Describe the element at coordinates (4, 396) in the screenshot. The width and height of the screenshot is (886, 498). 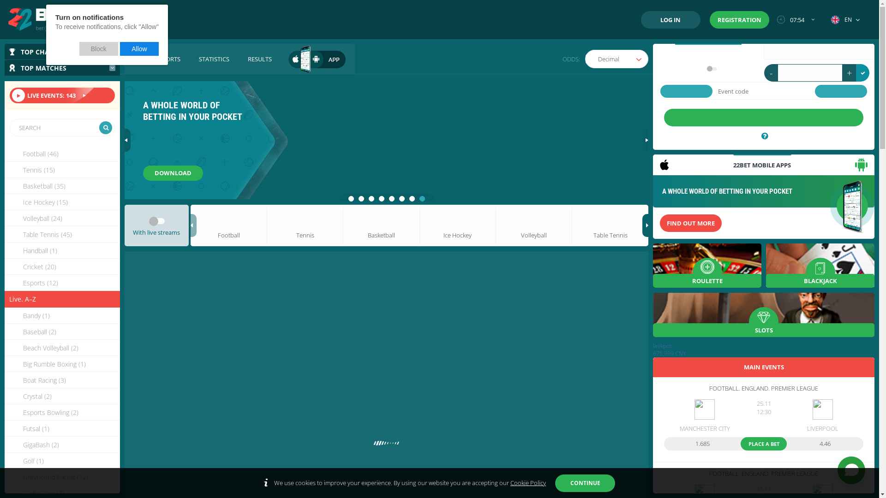
I see `'Crystal` at that location.